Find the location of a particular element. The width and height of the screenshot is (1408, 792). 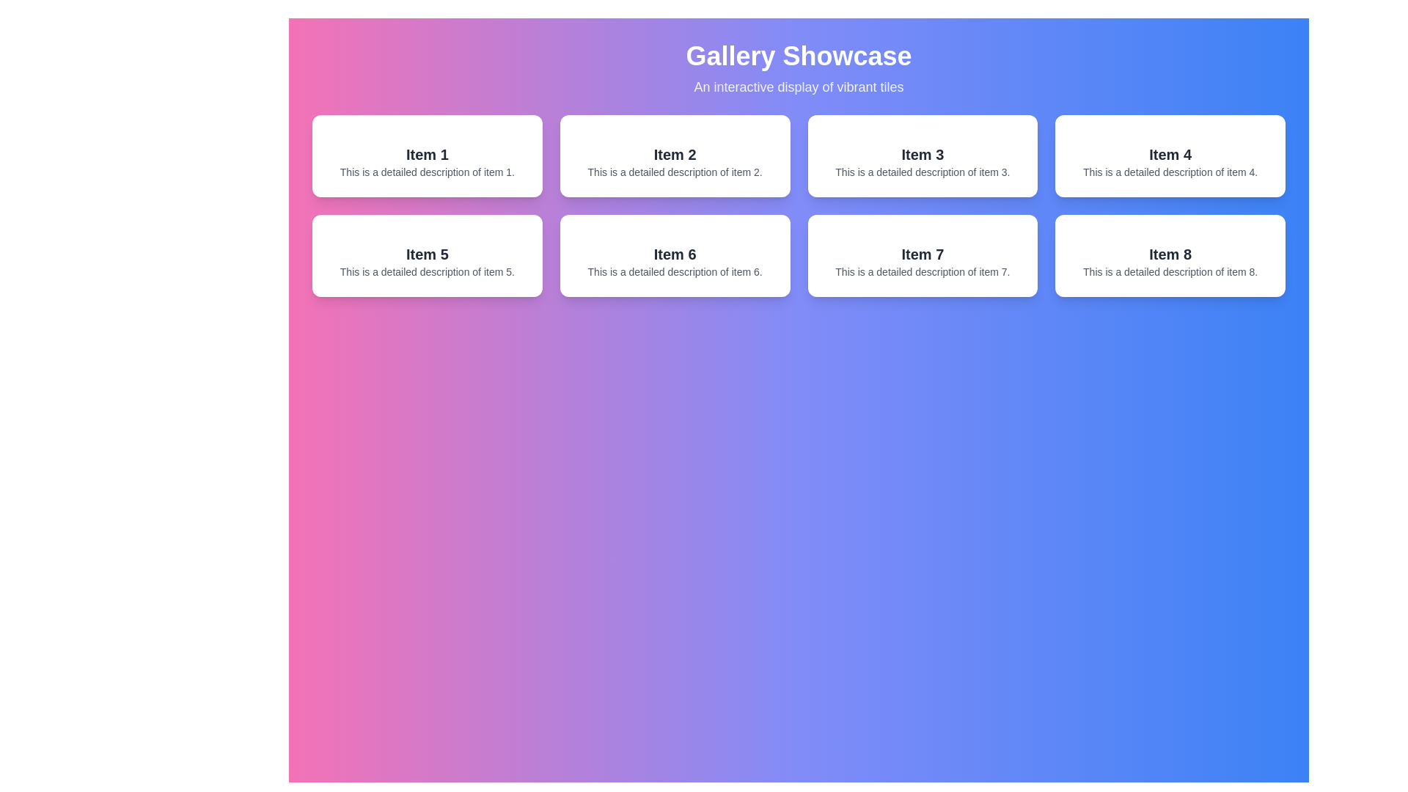

text labeled 'This is a detailed description of item 6.' located in the tile for 'Item 6' in the second row, third column of the grid layout is located at coordinates (674, 271).